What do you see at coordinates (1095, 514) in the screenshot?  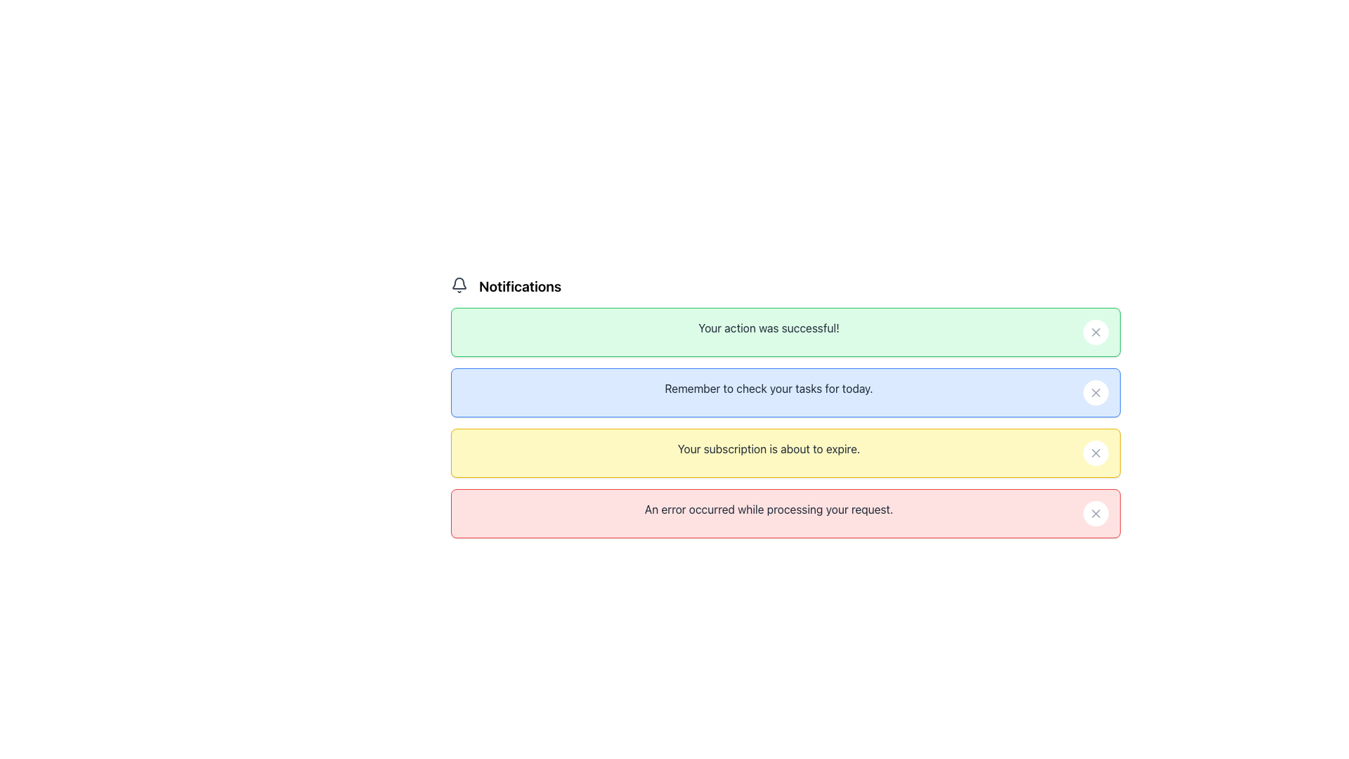 I see `the small 'X' icon close button located at the top-right corner of the red notification box to observe hover interactions` at bounding box center [1095, 514].